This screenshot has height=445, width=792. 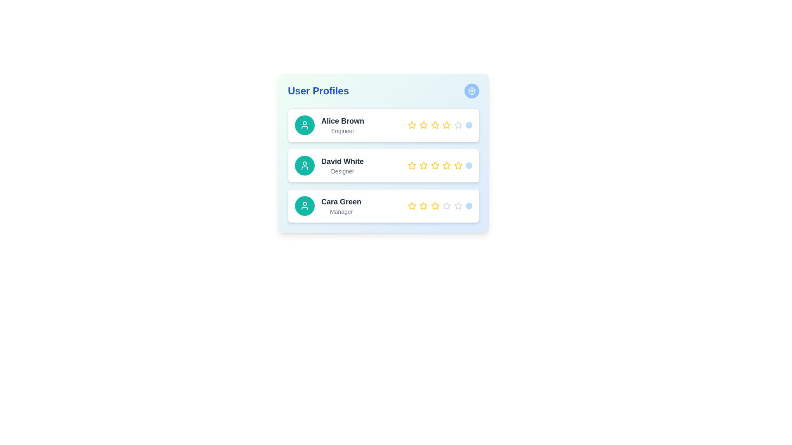 What do you see at coordinates (412, 125) in the screenshot?
I see `the first rating star icon for user 'Alice Brown', located next to the text 'Engineer'` at bounding box center [412, 125].